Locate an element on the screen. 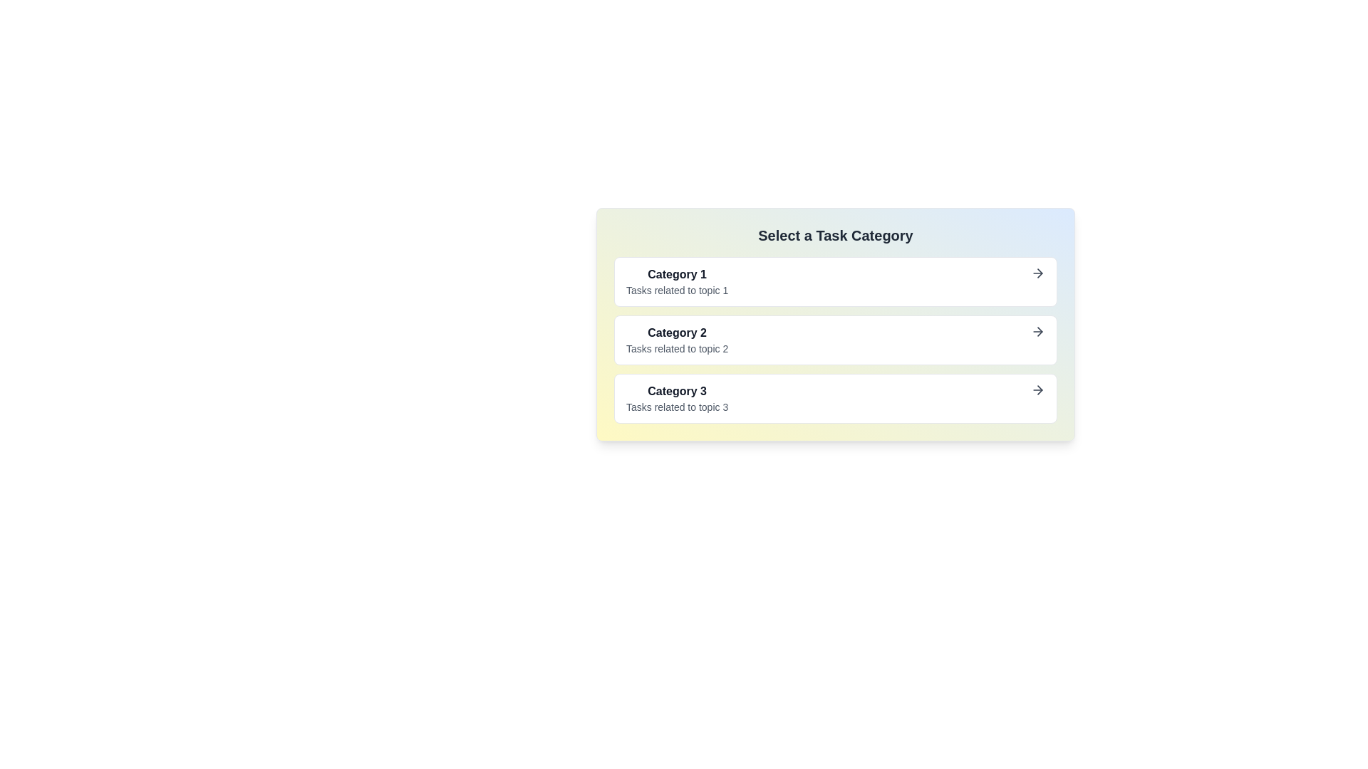 Image resolution: width=1368 pixels, height=769 pixels. the second category in the task selection interface is located at coordinates (835, 324).